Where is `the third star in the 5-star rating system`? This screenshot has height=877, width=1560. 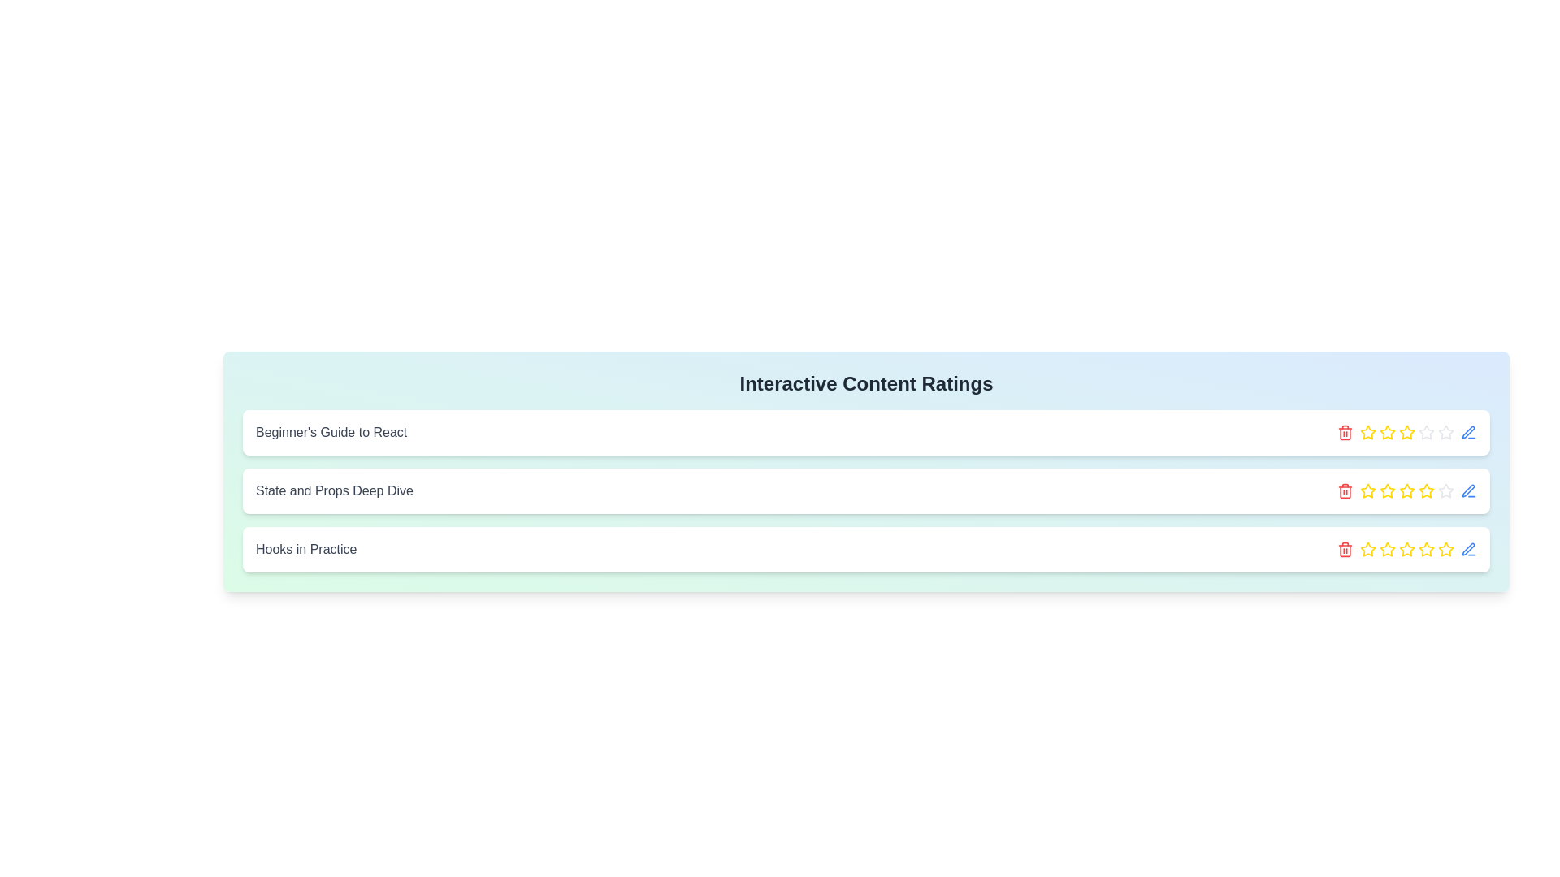 the third star in the 5-star rating system is located at coordinates (1406, 549).